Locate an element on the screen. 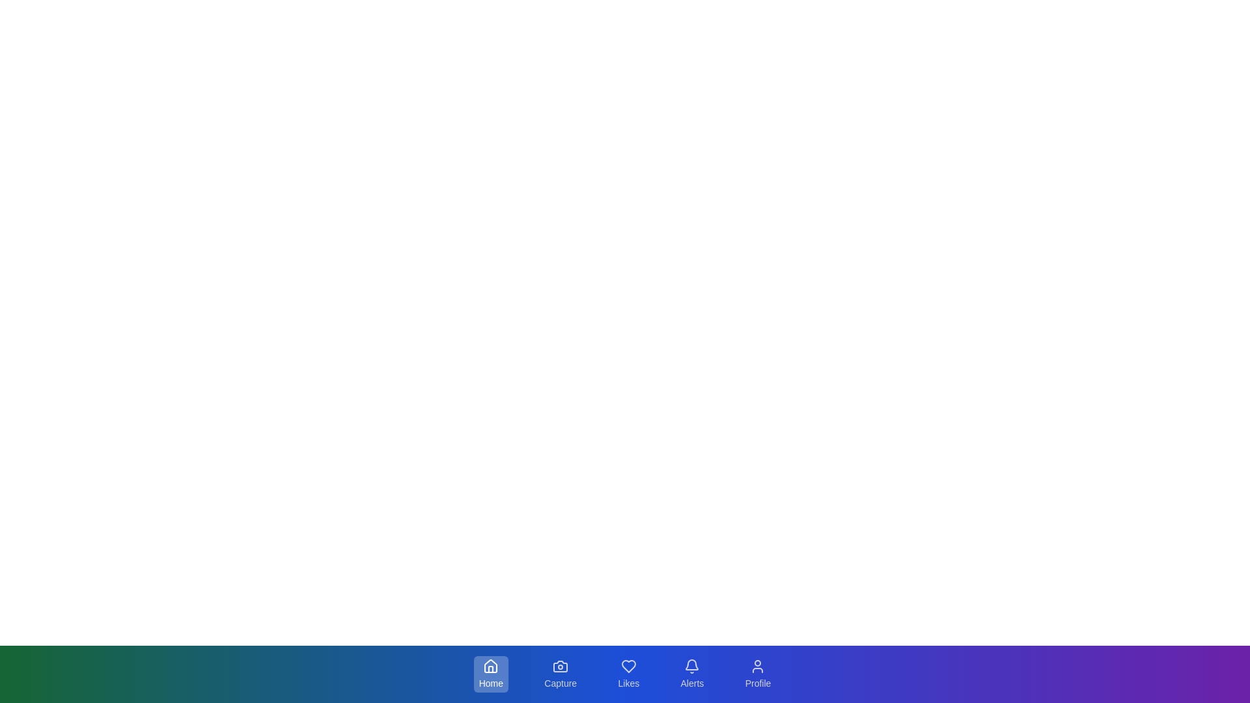 The width and height of the screenshot is (1250, 703). the Likes tab in the bottom navigation bar is located at coordinates (628, 674).